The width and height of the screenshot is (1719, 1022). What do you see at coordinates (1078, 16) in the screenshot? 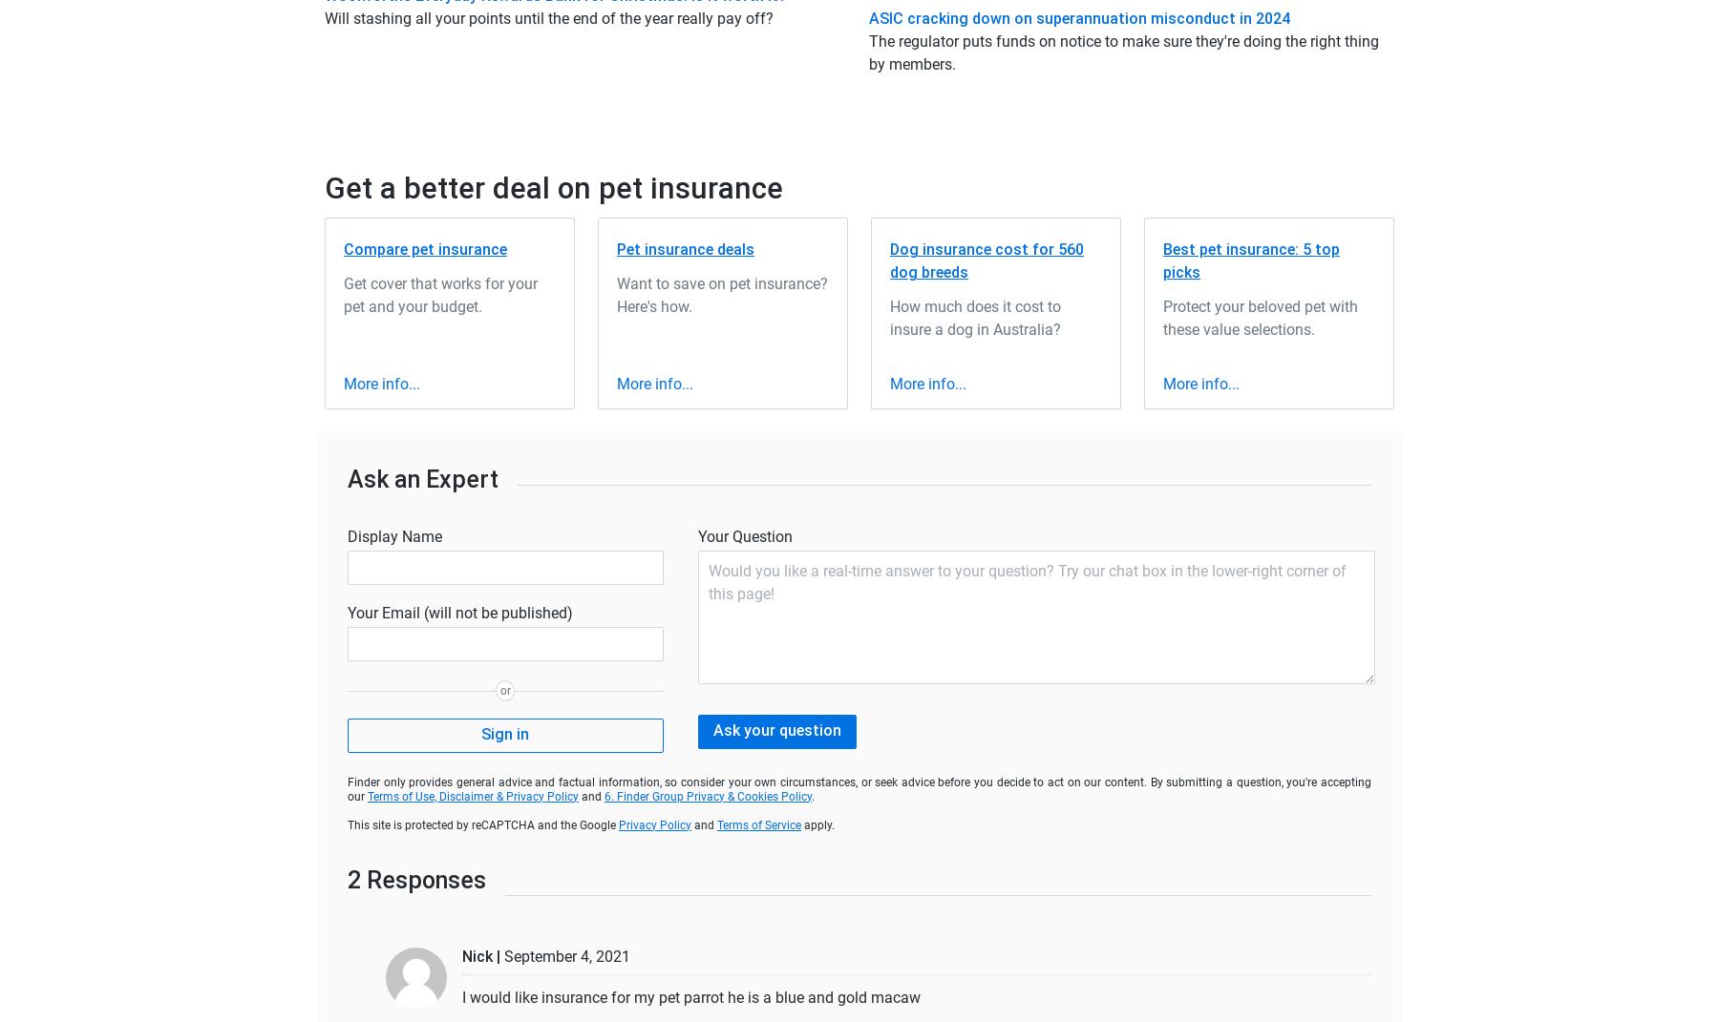
I see `'ASIC cracking down on superannuation misconduct in 2024'` at bounding box center [1078, 16].